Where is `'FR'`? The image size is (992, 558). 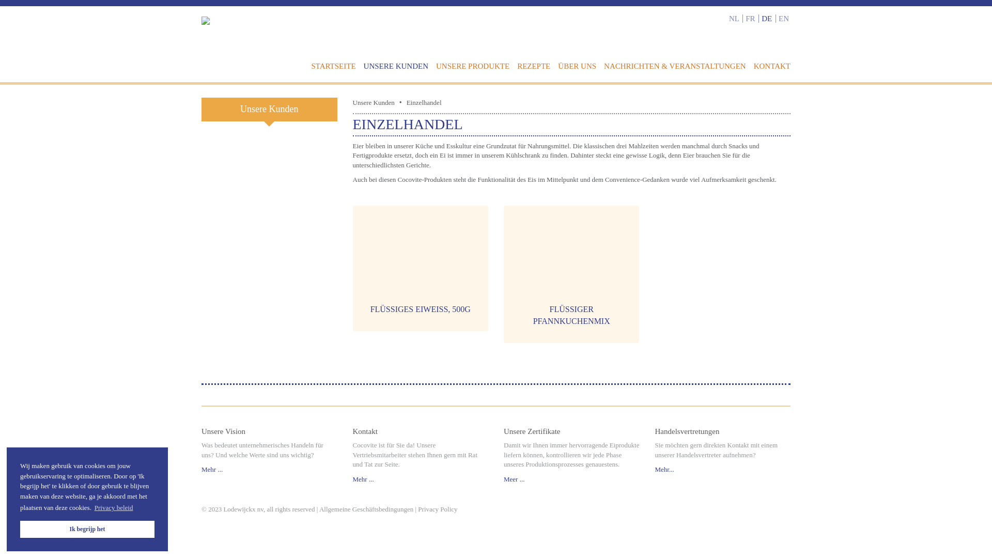 'FR' is located at coordinates (751, 18).